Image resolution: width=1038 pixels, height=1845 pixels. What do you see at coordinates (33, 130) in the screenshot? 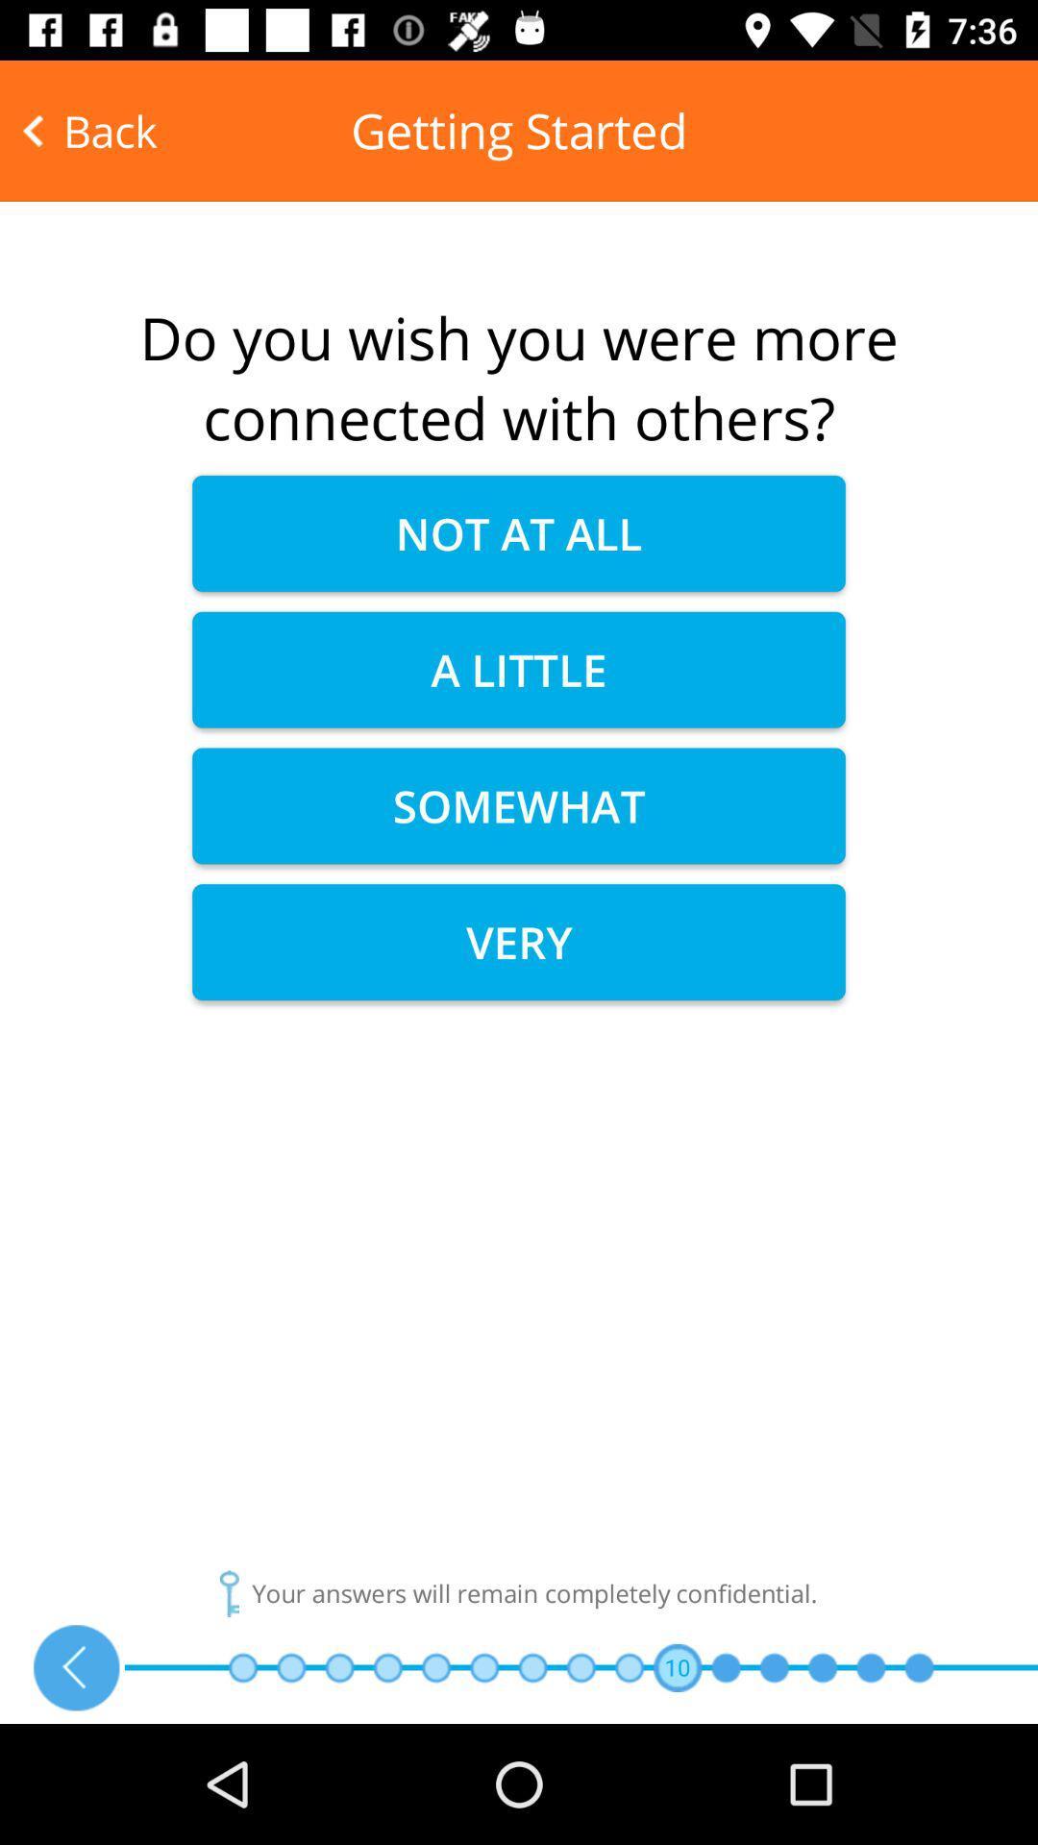
I see `the arrow_backward icon` at bounding box center [33, 130].